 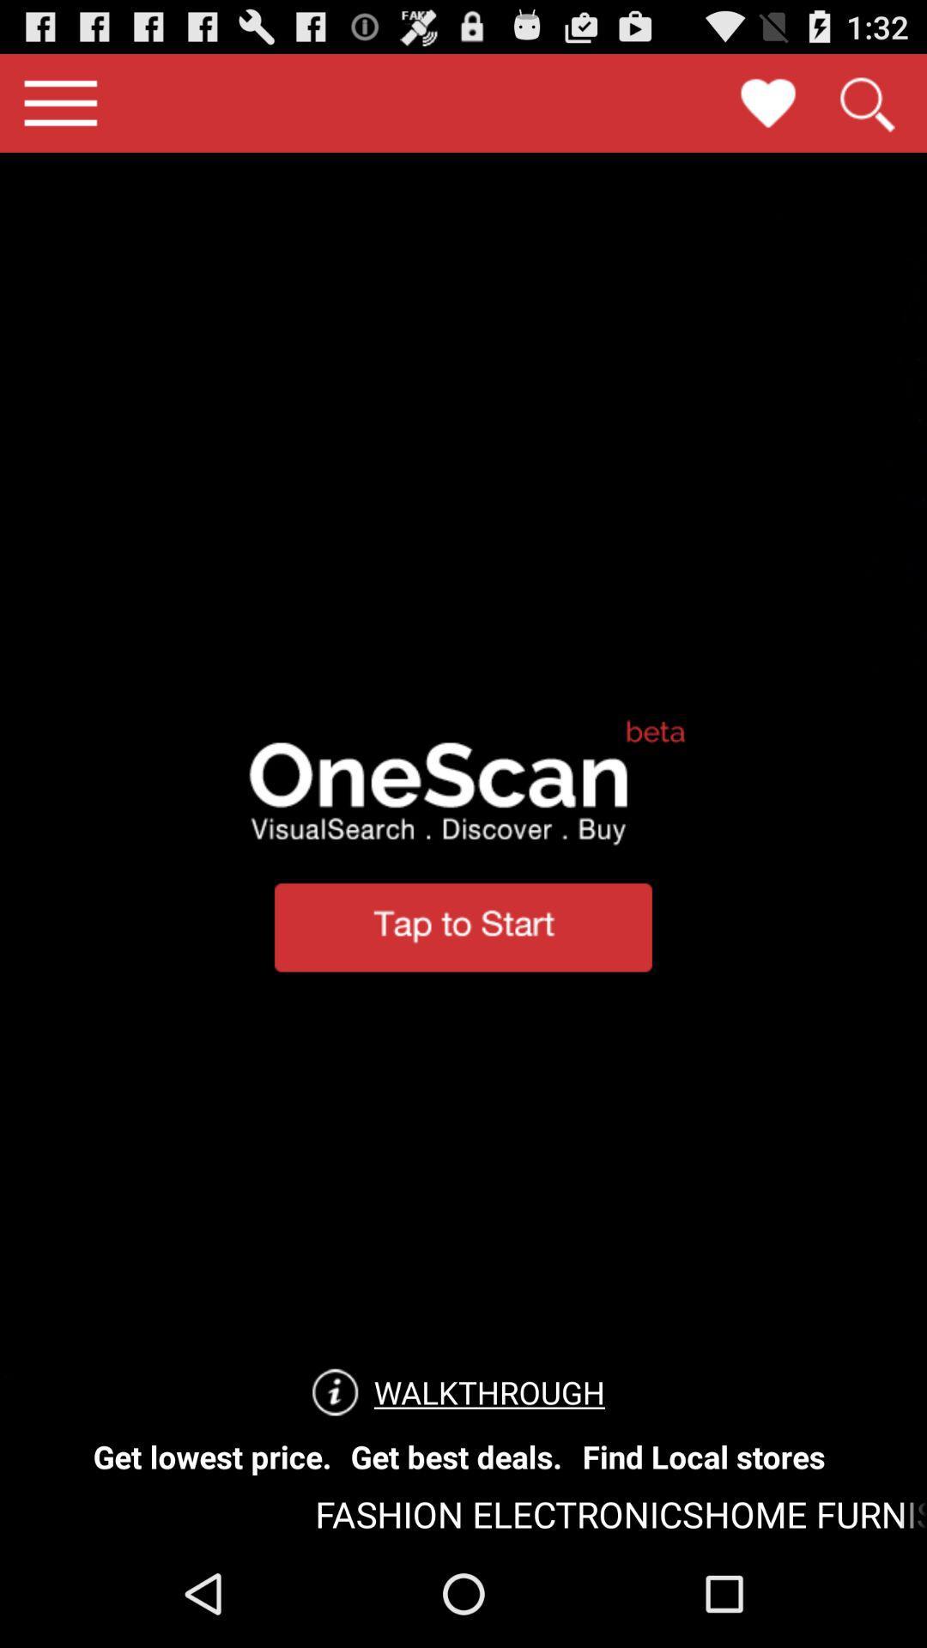 What do you see at coordinates (866, 102) in the screenshot?
I see `opens the search function` at bounding box center [866, 102].